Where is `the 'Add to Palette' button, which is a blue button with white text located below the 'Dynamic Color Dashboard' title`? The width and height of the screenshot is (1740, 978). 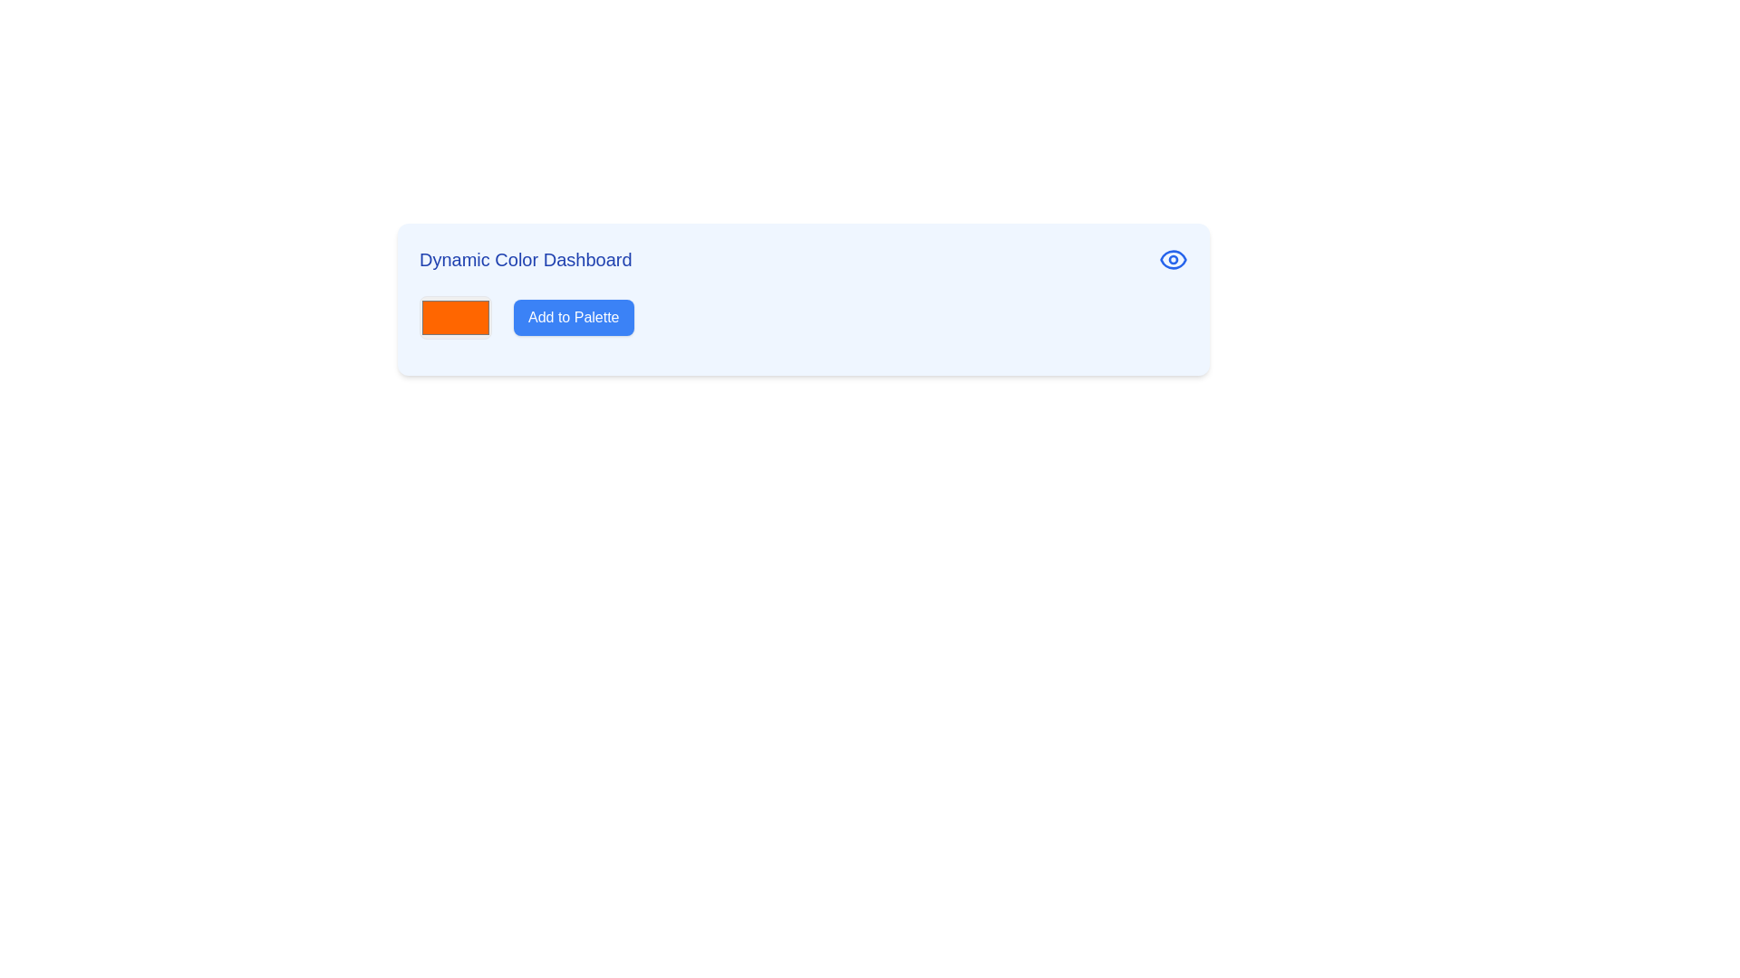 the 'Add to Palette' button, which is a blue button with white text located below the 'Dynamic Color Dashboard' title is located at coordinates (573, 317).